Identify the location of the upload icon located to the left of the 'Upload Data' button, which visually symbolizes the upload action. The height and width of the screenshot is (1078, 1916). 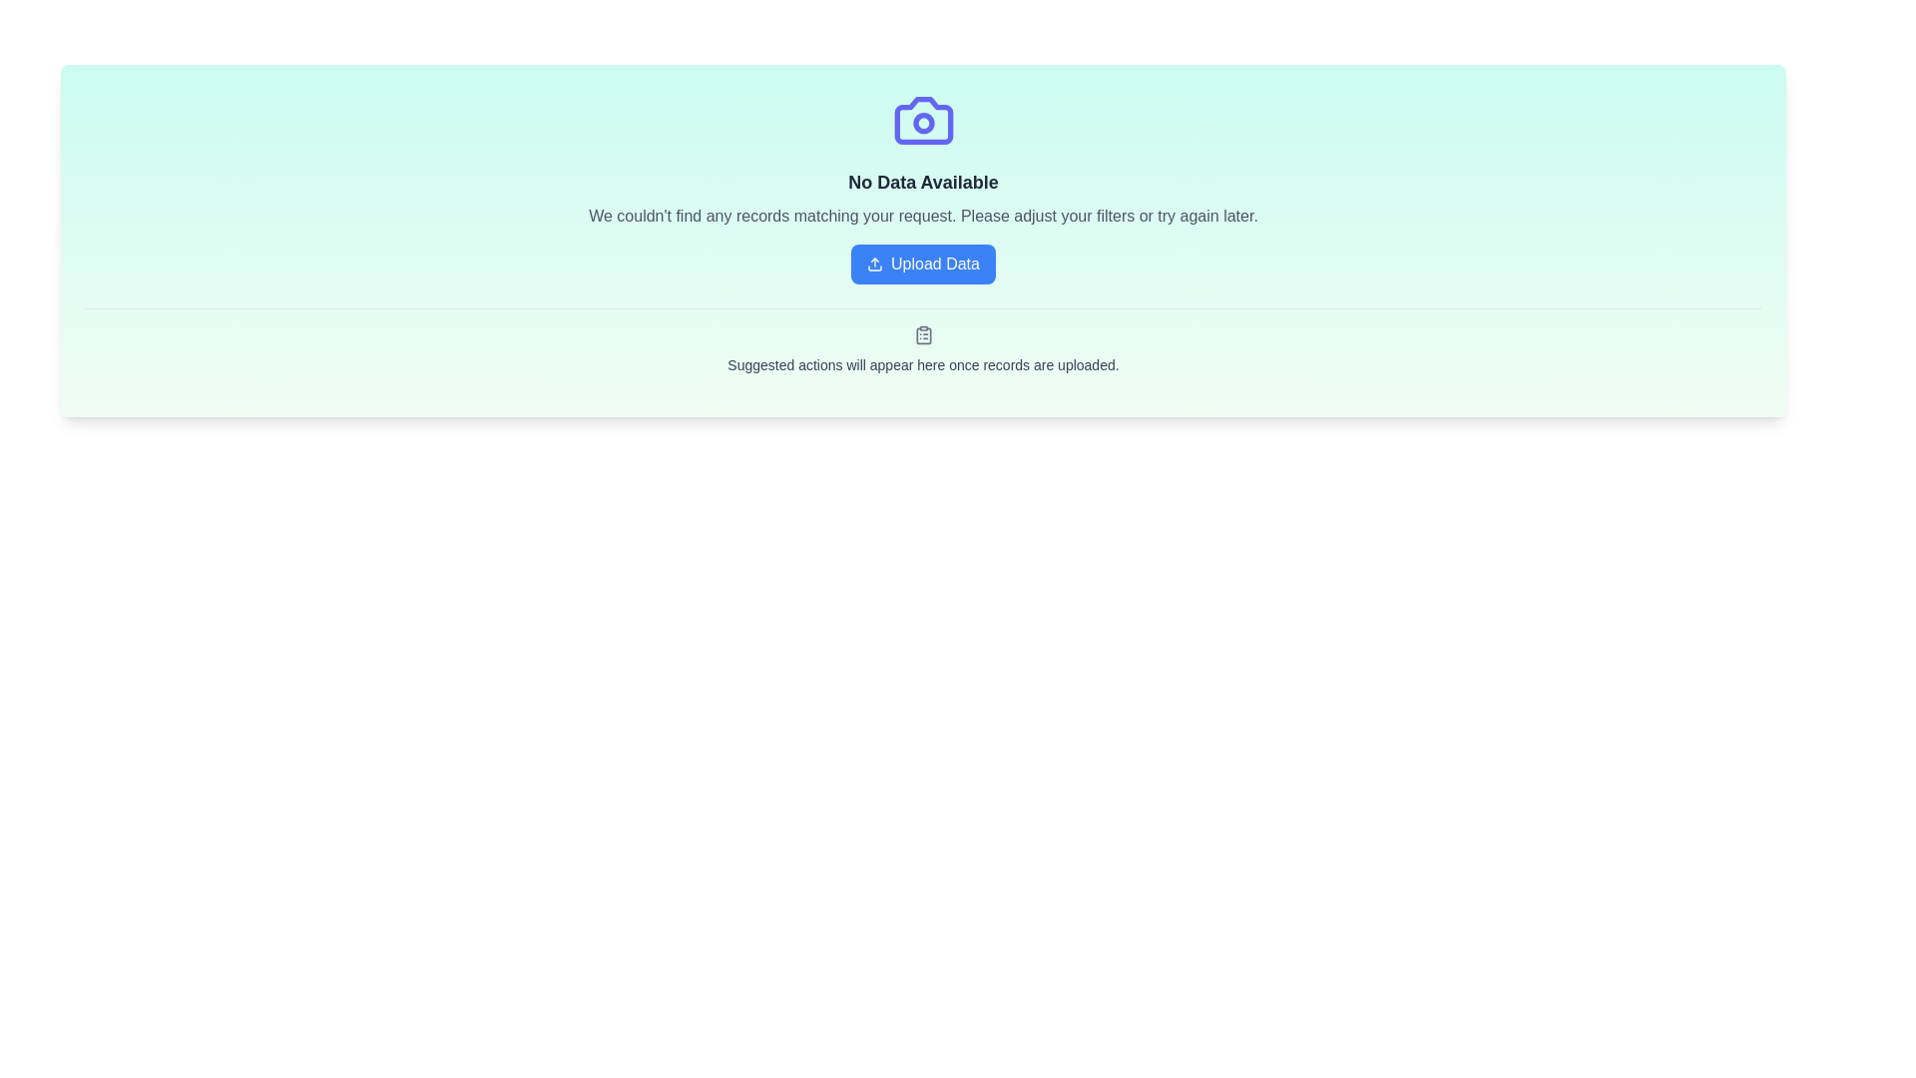
(875, 264).